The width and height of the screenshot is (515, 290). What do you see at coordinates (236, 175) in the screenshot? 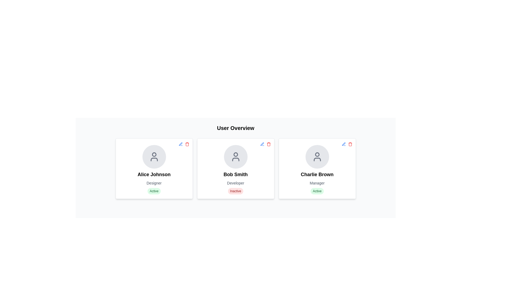
I see `the text label that displays the name of the individual in the middle card of a three-card layout, positioned below the avatar icon and above the designation 'Developer'` at bounding box center [236, 175].